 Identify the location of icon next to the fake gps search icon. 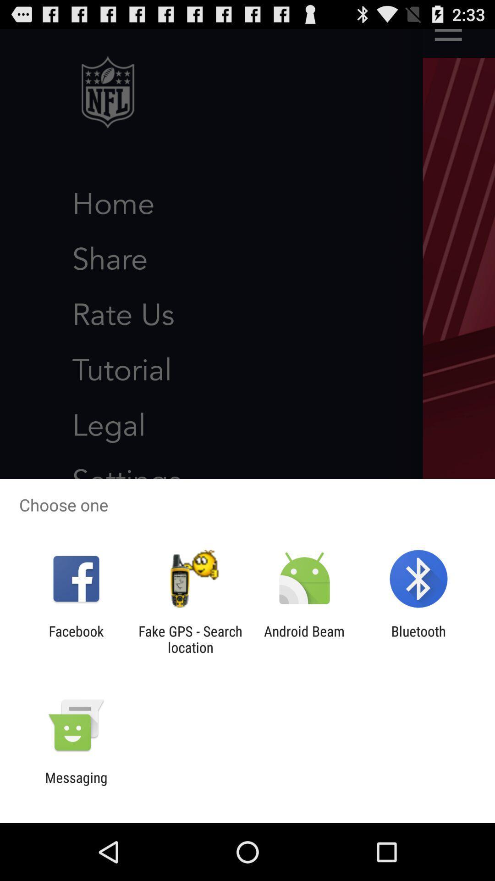
(76, 639).